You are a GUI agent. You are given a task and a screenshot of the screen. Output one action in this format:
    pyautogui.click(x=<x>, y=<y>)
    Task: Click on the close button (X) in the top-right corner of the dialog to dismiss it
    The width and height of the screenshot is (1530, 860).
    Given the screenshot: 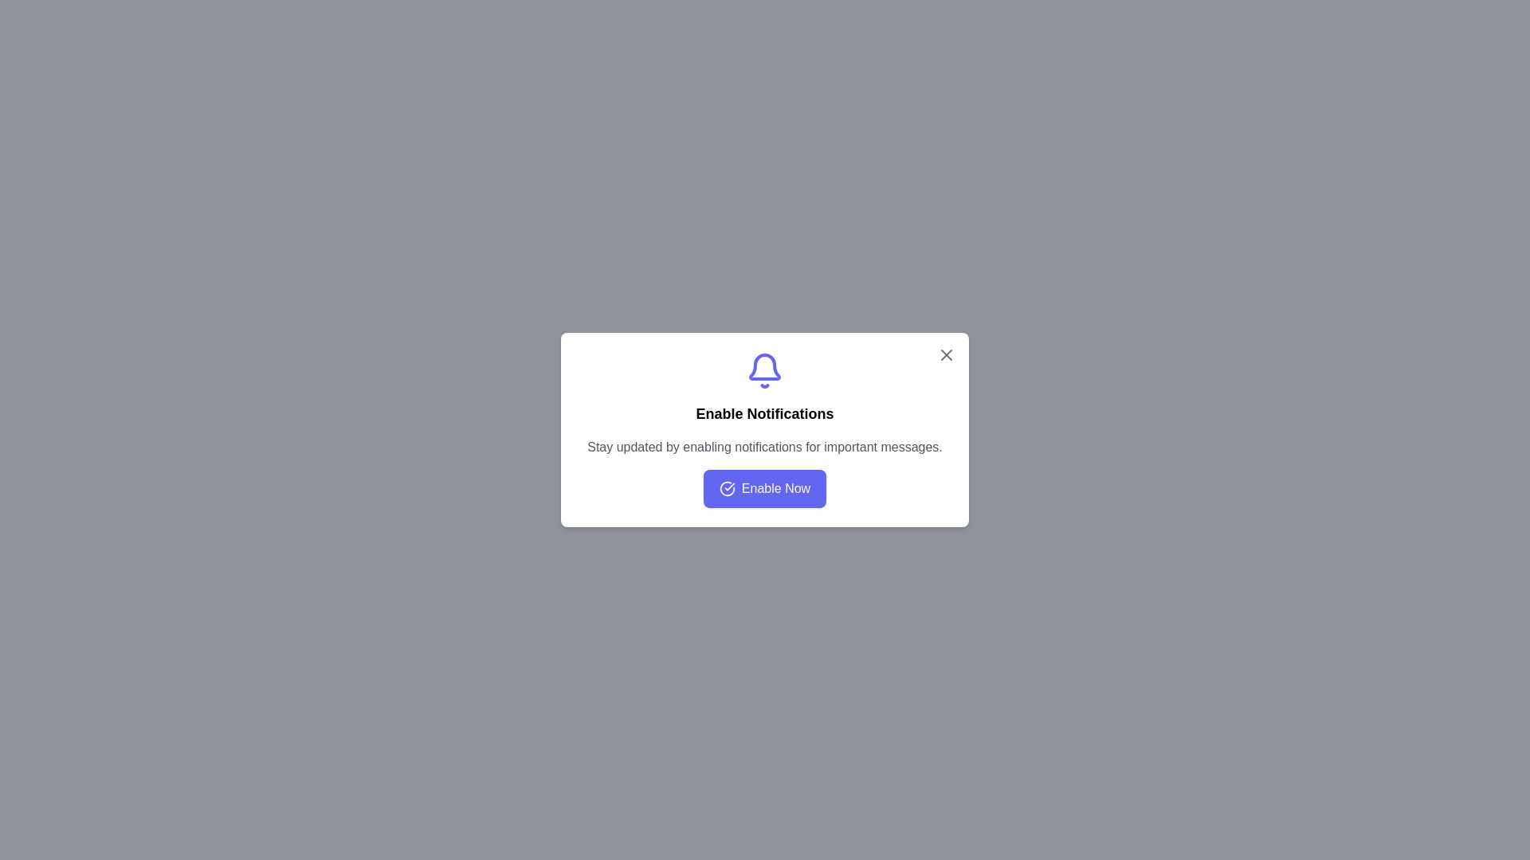 What is the action you would take?
    pyautogui.click(x=947, y=354)
    